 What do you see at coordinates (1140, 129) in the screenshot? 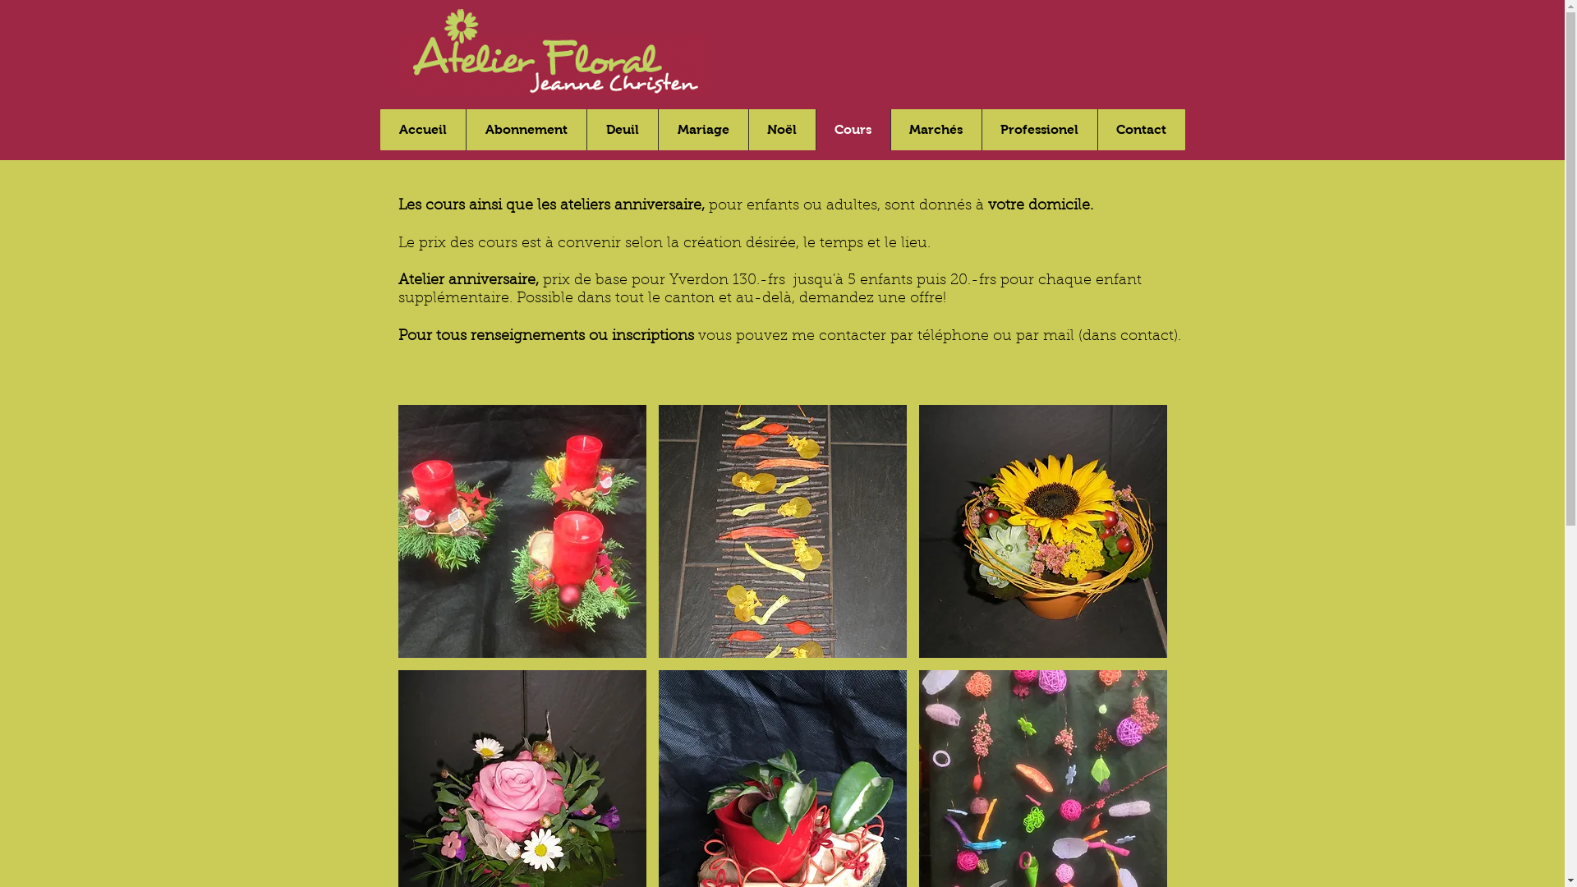
I see `'Contact'` at bounding box center [1140, 129].